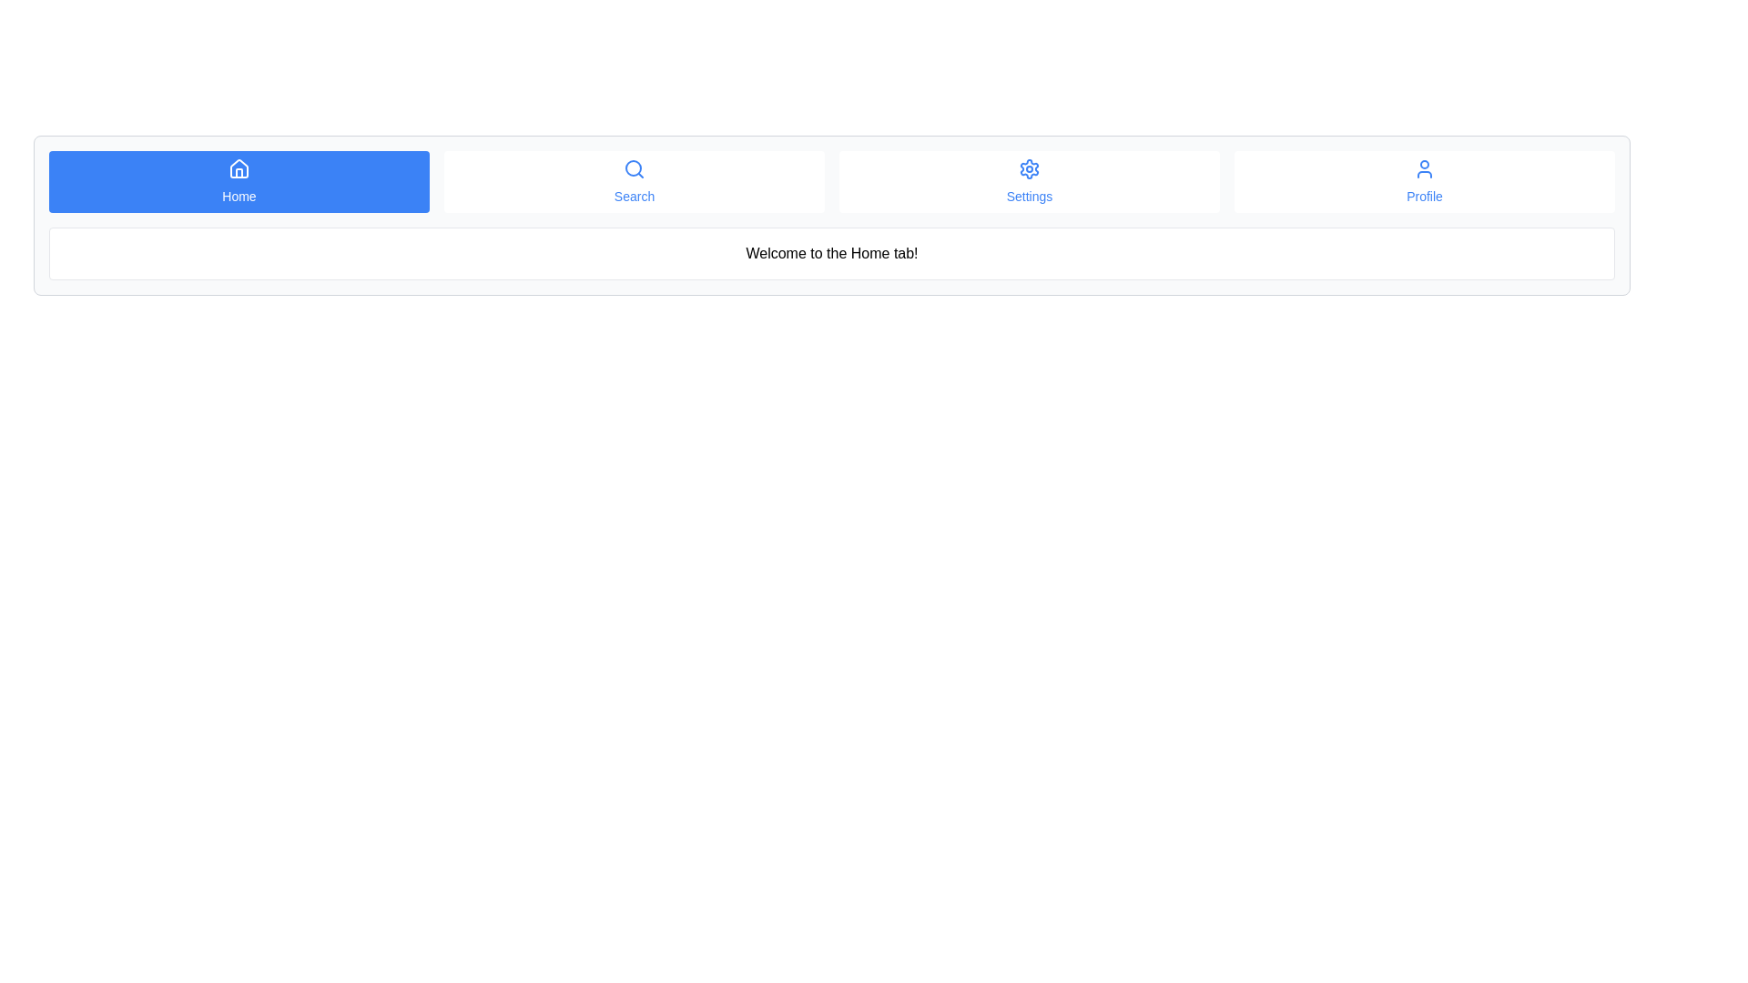  Describe the element at coordinates (239, 173) in the screenshot. I see `the door icon within the house graphic, which is located in the top-left 'Home' button of the main navigation bar` at that location.